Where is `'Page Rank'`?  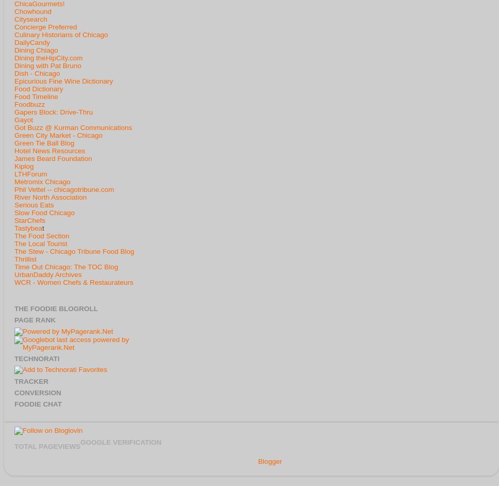
'Page Rank' is located at coordinates (34, 319).